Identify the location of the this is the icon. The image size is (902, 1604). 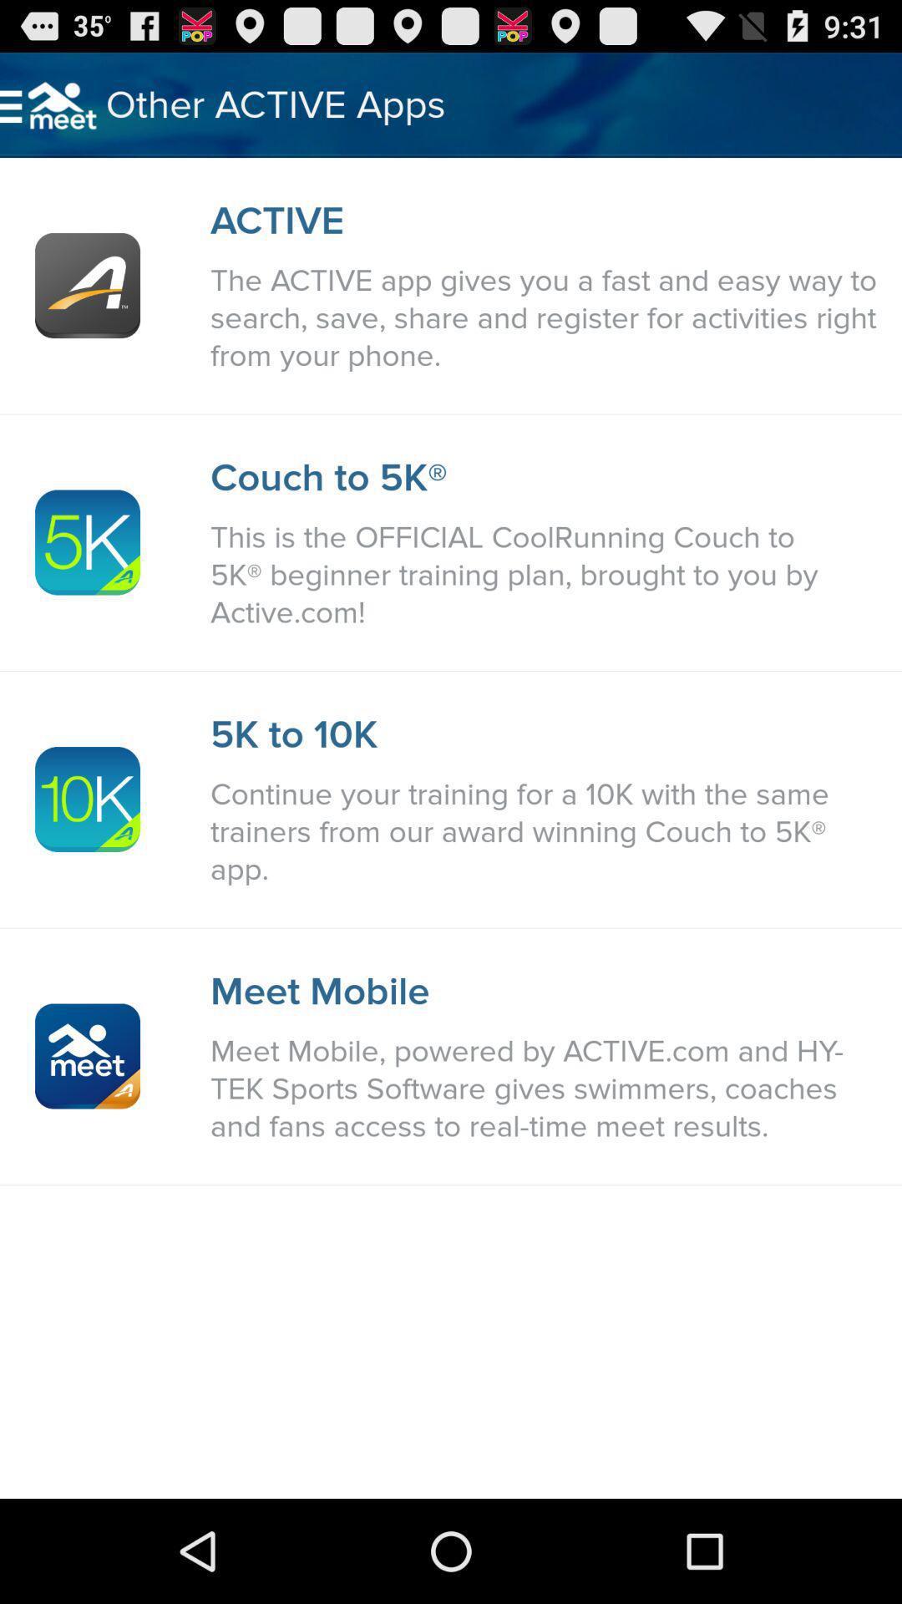
(547, 575).